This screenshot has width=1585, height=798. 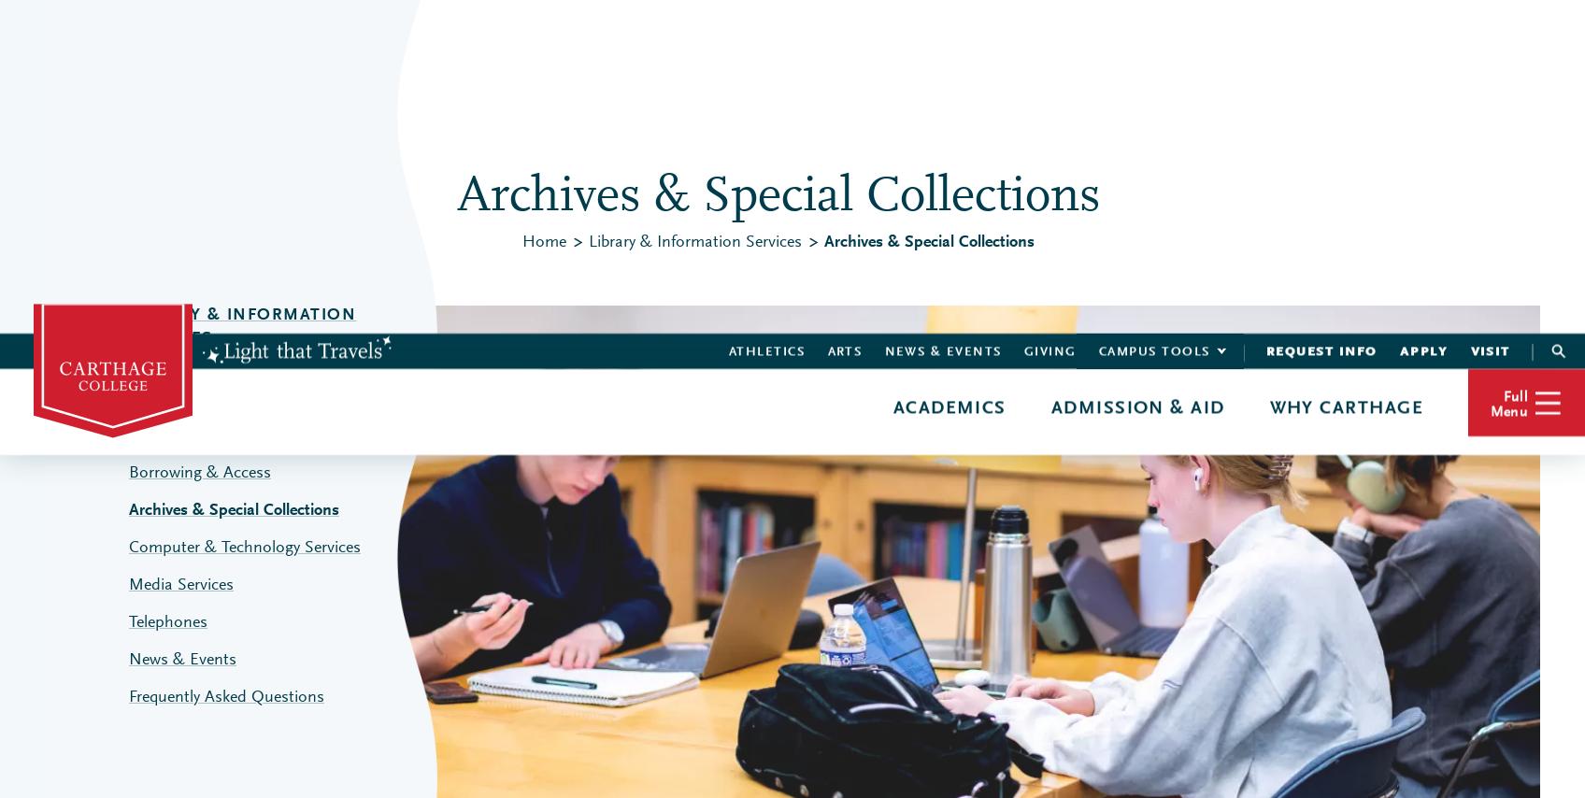 What do you see at coordinates (957, 251) in the screenshot?
I see `'Commuting to Carthage'` at bounding box center [957, 251].